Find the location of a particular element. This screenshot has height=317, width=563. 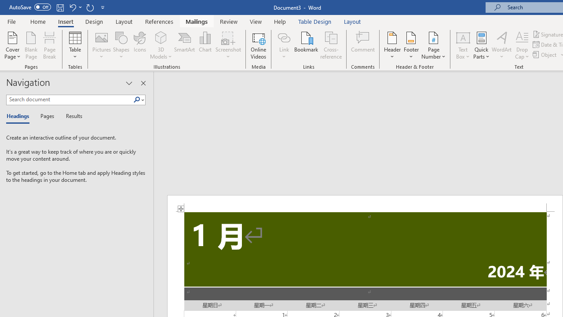

'Pictures' is located at coordinates (102, 45).